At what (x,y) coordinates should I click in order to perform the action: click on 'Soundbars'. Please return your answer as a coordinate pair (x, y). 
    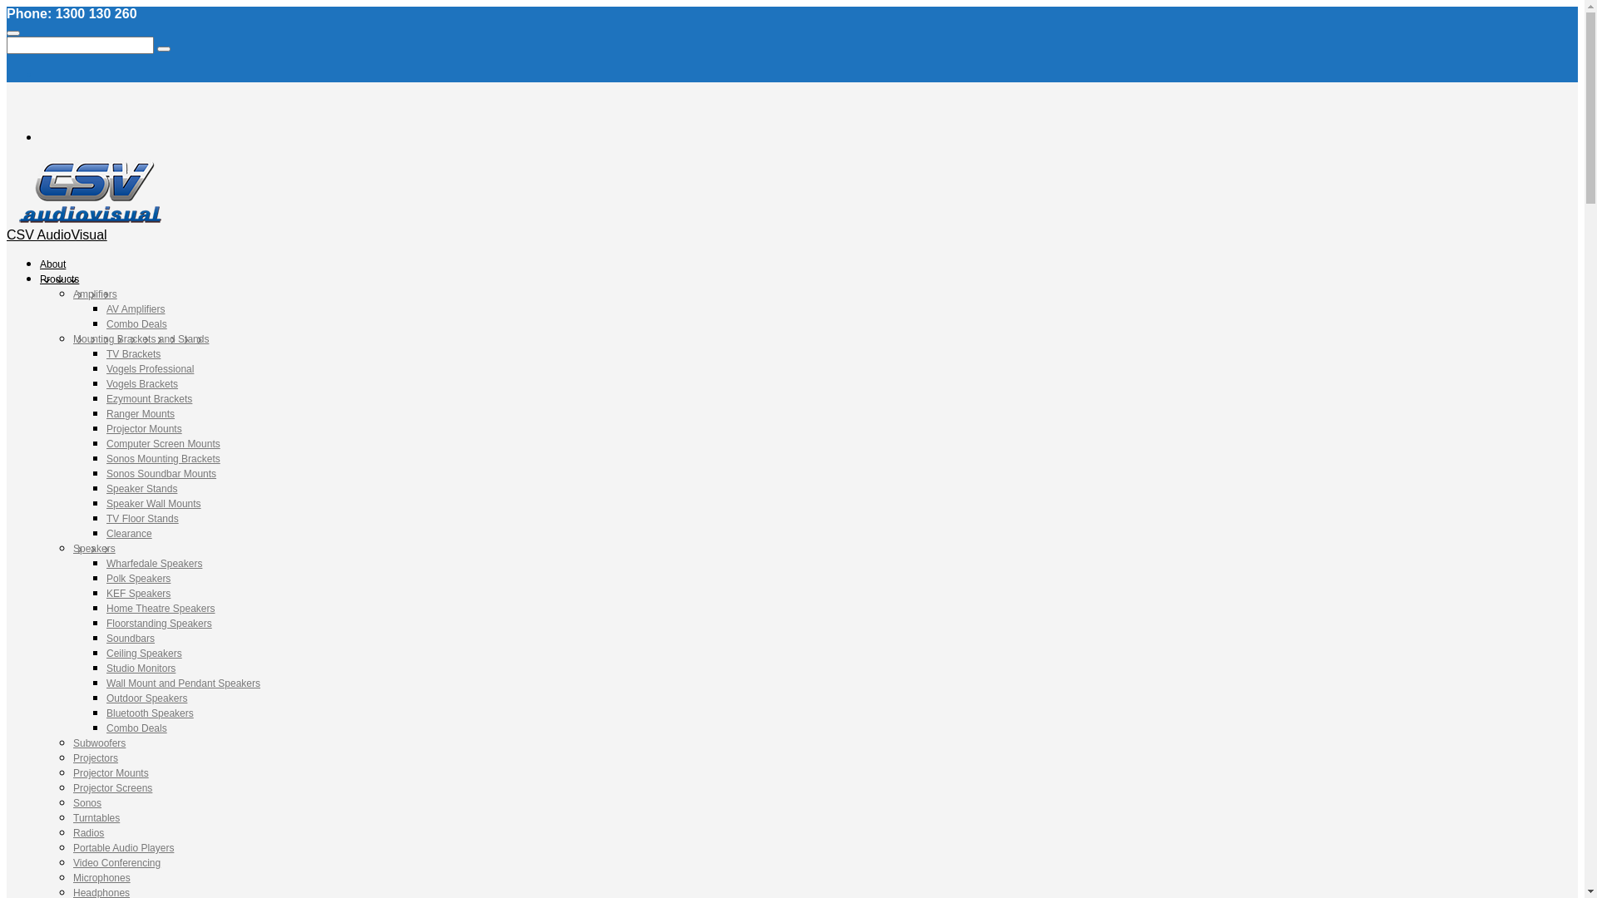
    Looking at the image, I should click on (130, 637).